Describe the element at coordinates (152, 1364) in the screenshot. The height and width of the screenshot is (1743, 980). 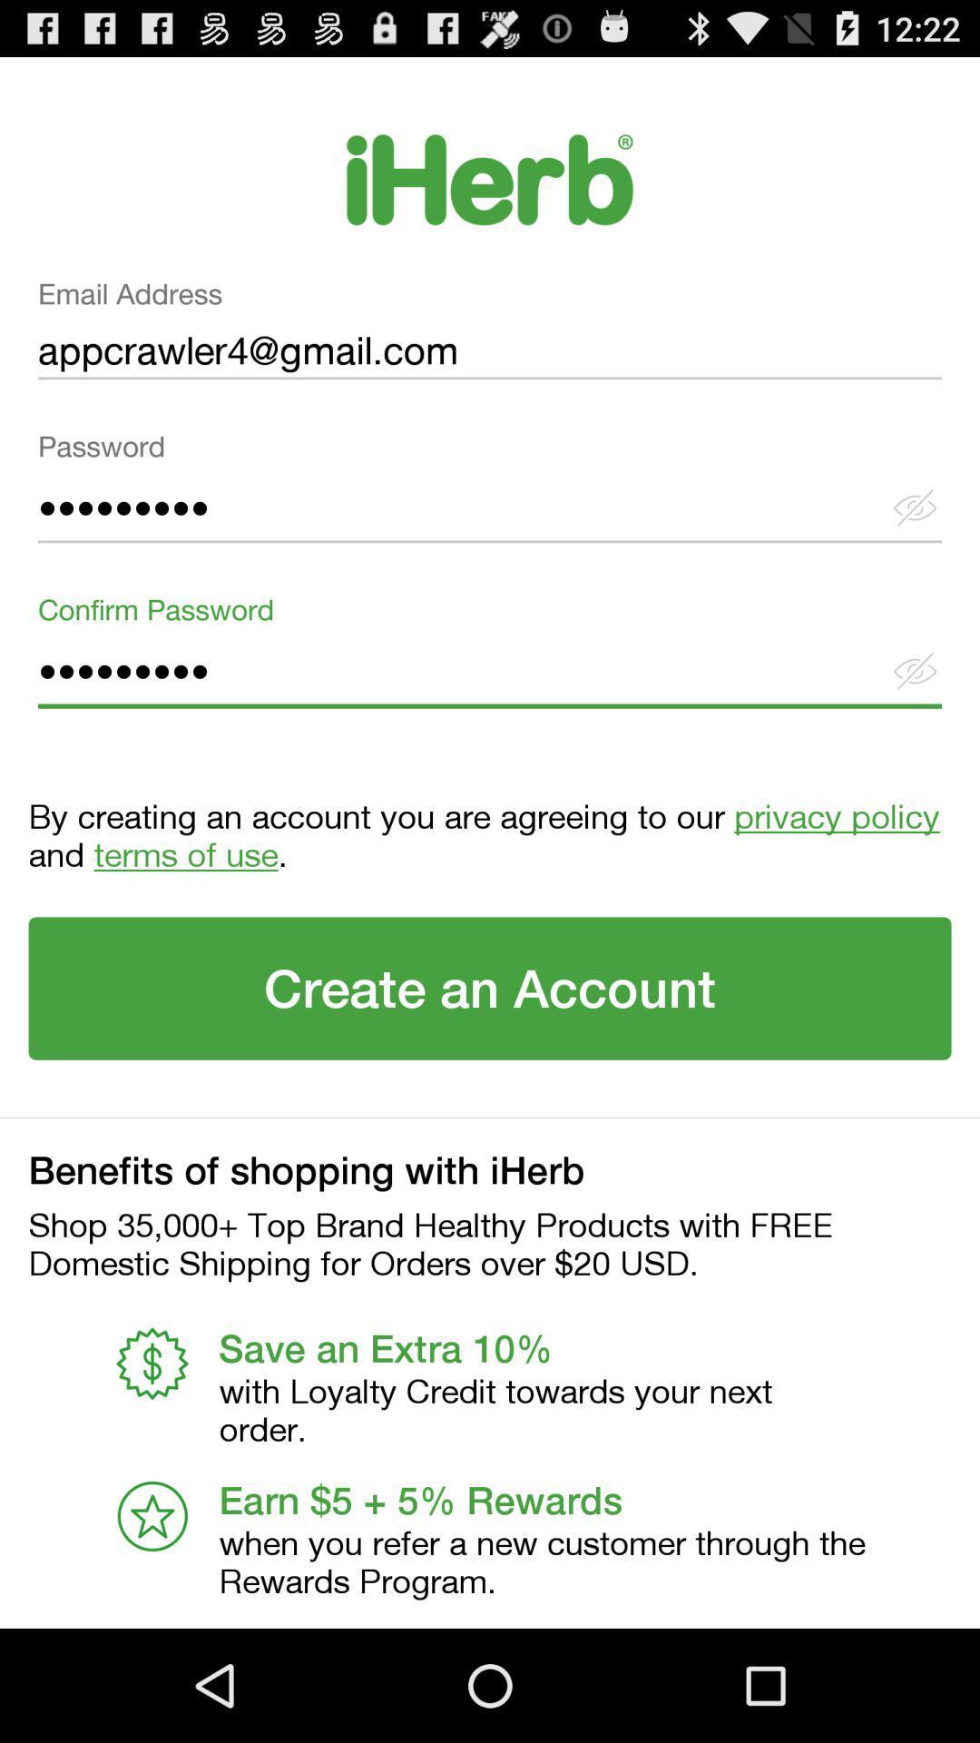
I see `the icon left to save an extra 10` at that location.